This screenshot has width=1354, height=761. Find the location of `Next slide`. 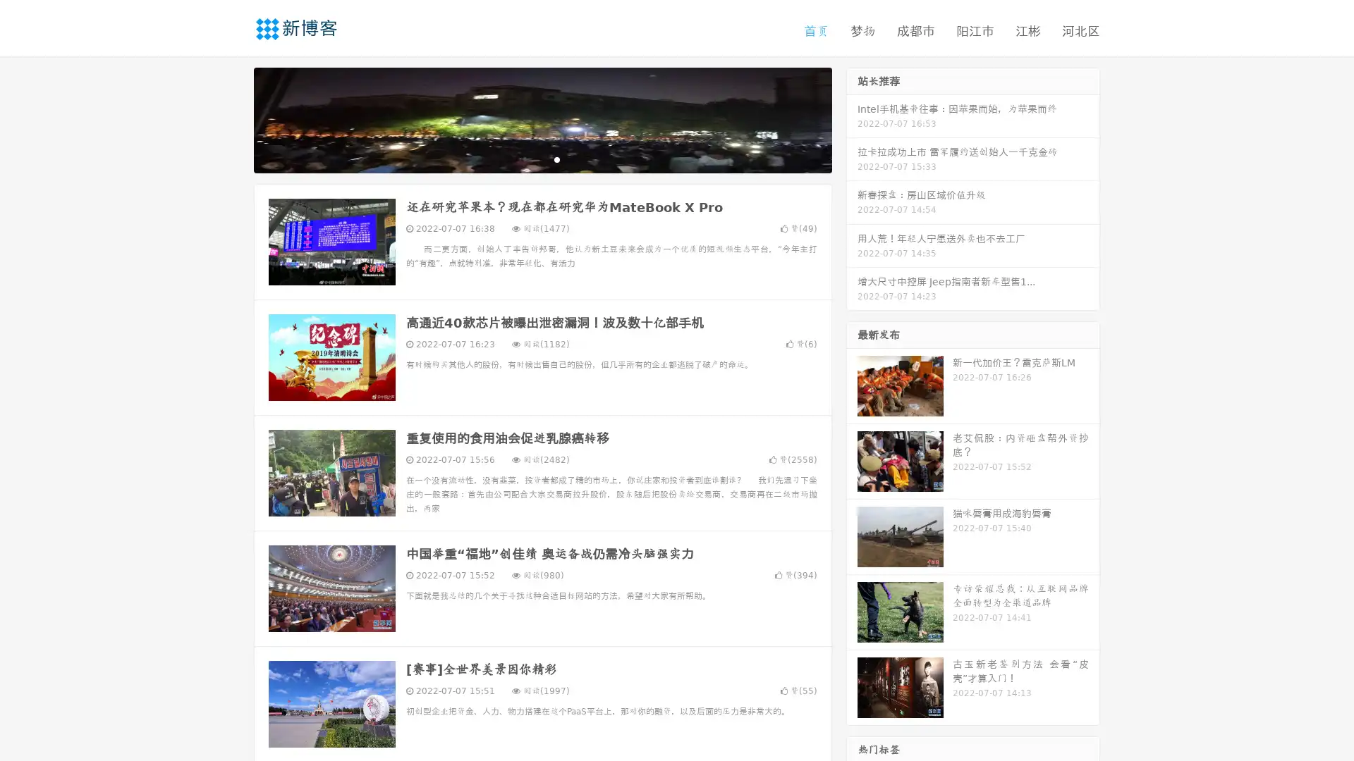

Next slide is located at coordinates (852, 118).